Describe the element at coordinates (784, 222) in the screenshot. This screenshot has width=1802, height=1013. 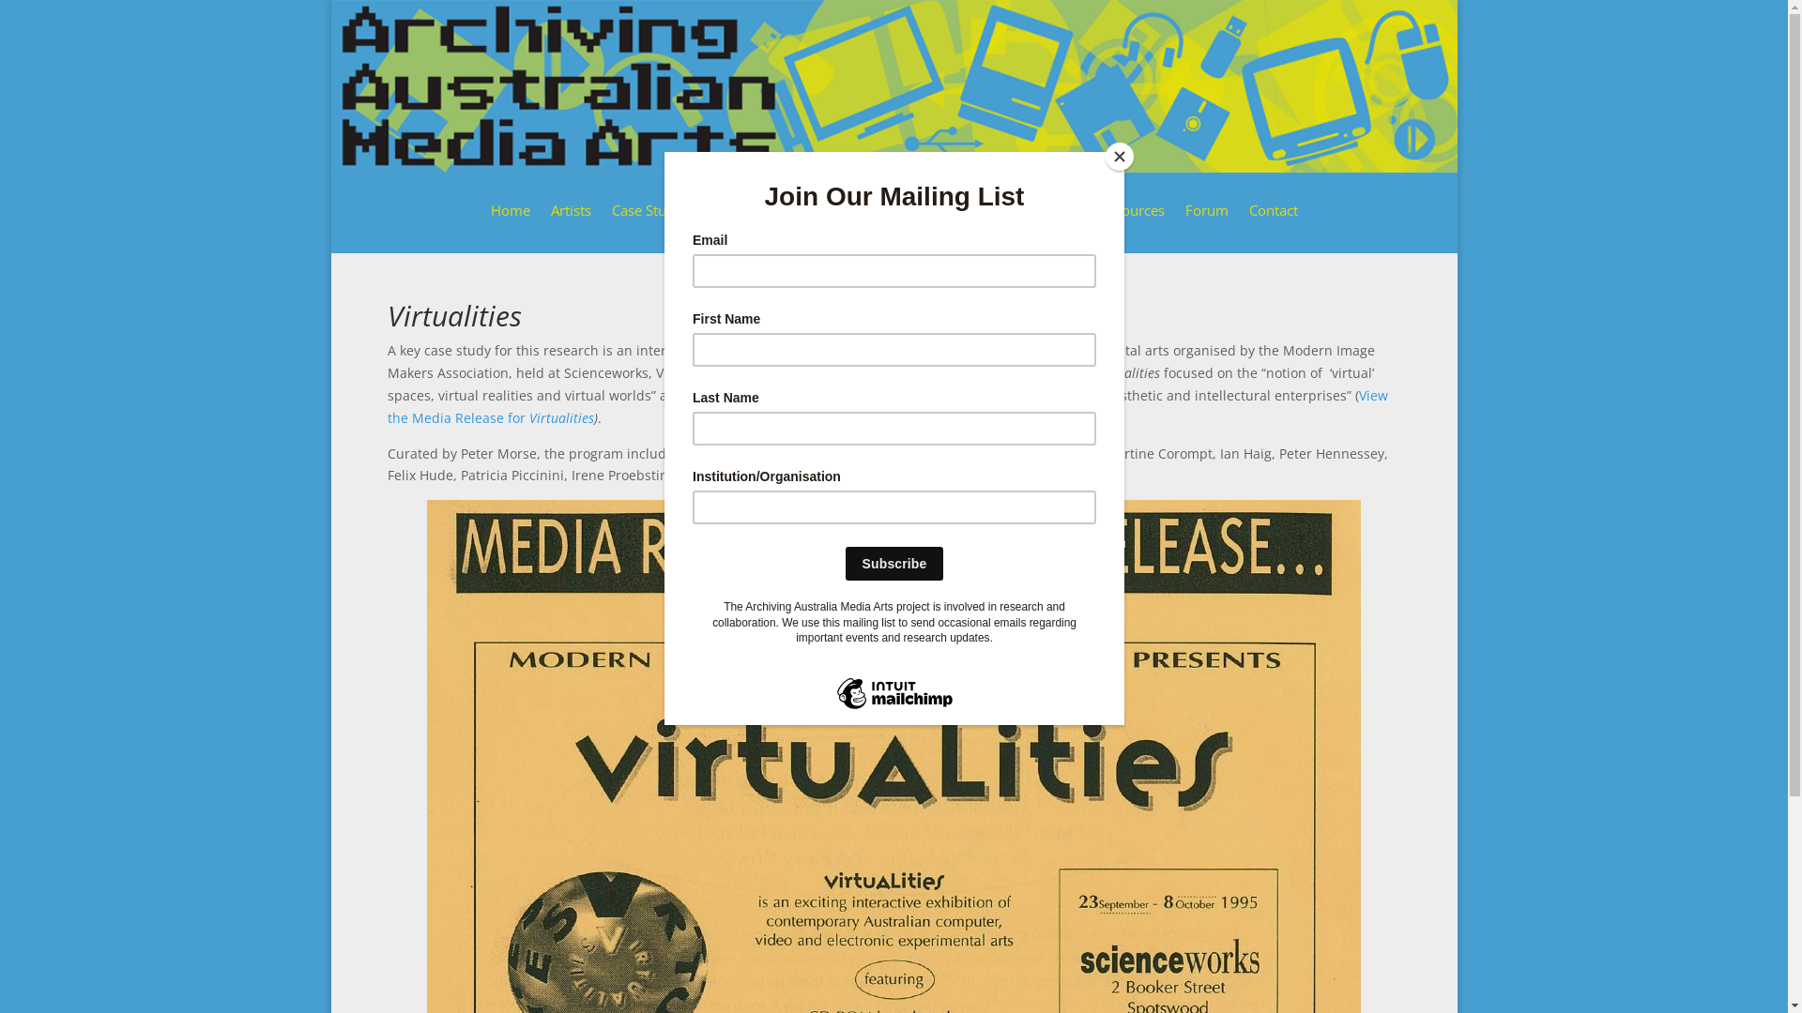
I see `'Project Partners'` at that location.